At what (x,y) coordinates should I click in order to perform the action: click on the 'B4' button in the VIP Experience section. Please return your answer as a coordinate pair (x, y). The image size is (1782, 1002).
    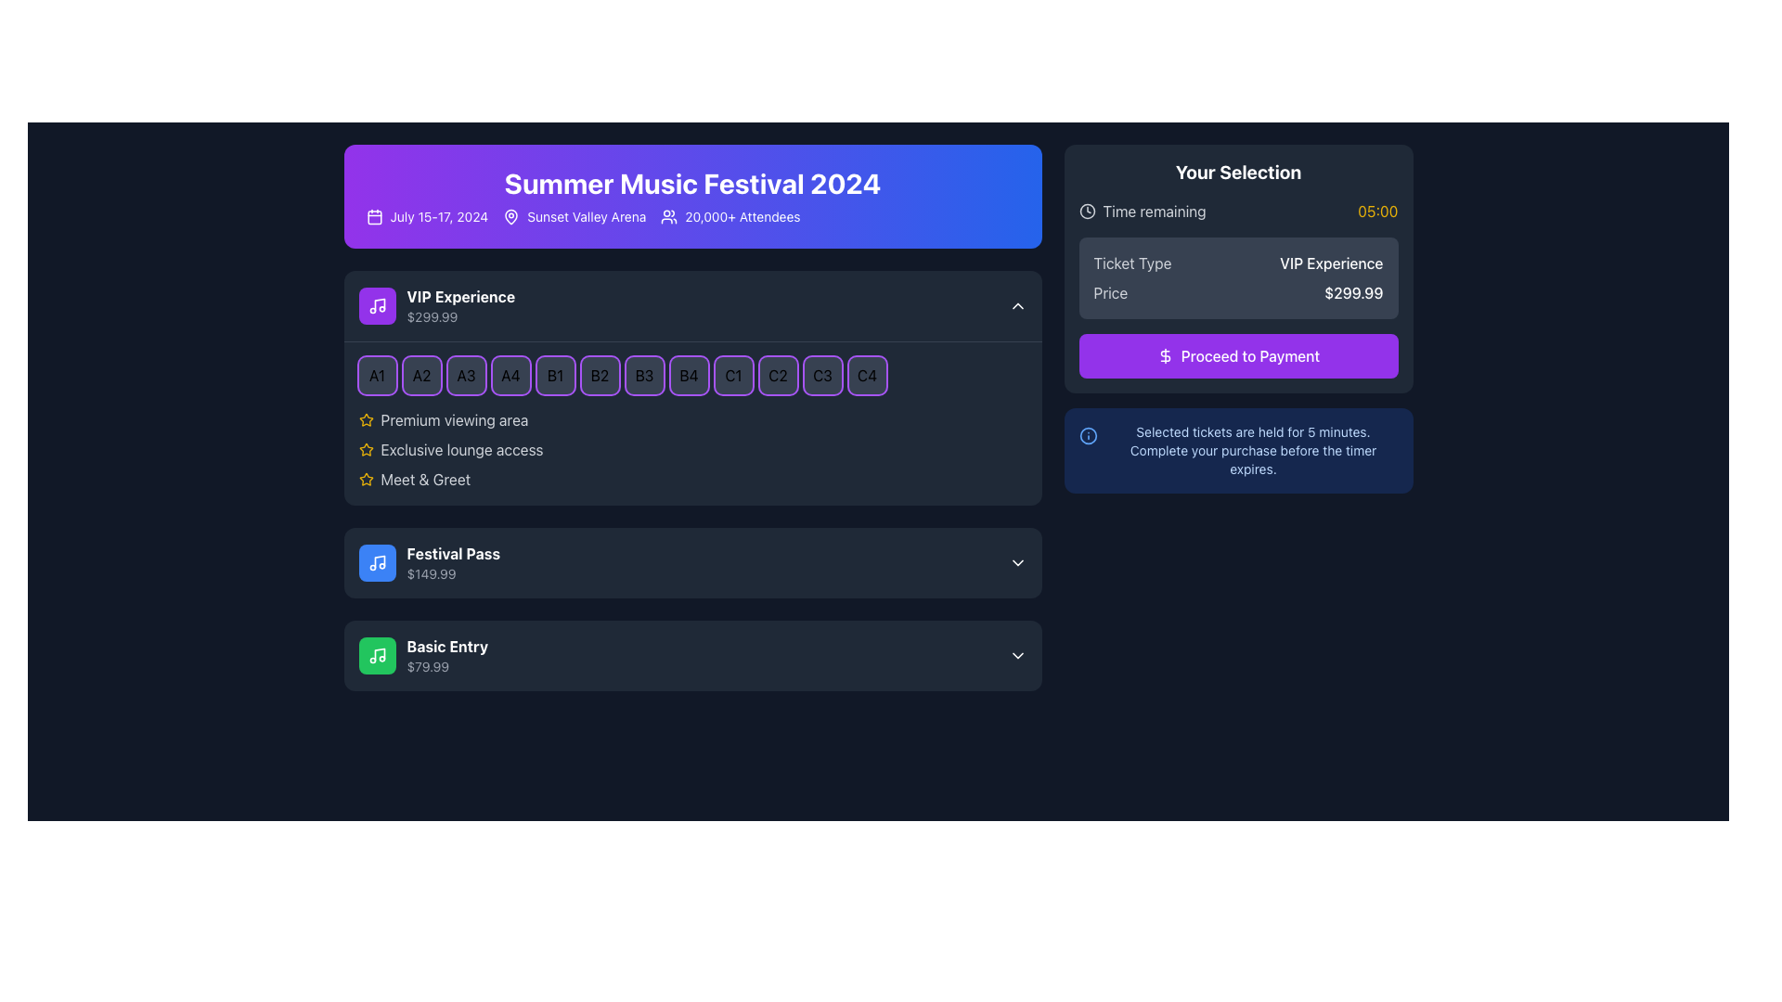
    Looking at the image, I should click on (688, 376).